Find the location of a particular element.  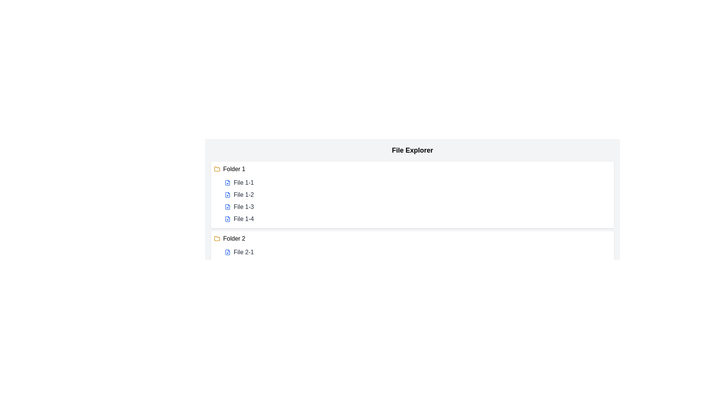

the file icon representing 'File 1-4' in the left section of the row under 'Folder 1' in the hierarchical file explorer interface is located at coordinates (227, 219).